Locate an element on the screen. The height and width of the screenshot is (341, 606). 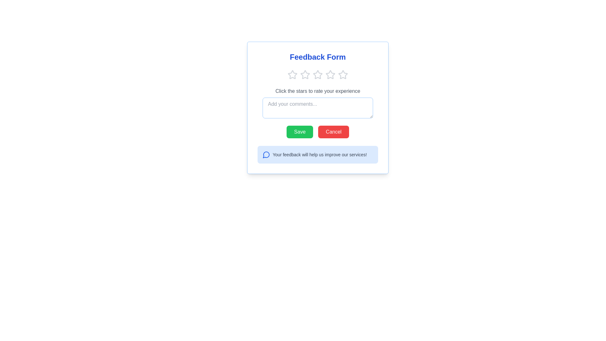
the Button group (Save and Cancel) located at the bottom right of the feedback form is located at coordinates (318, 131).